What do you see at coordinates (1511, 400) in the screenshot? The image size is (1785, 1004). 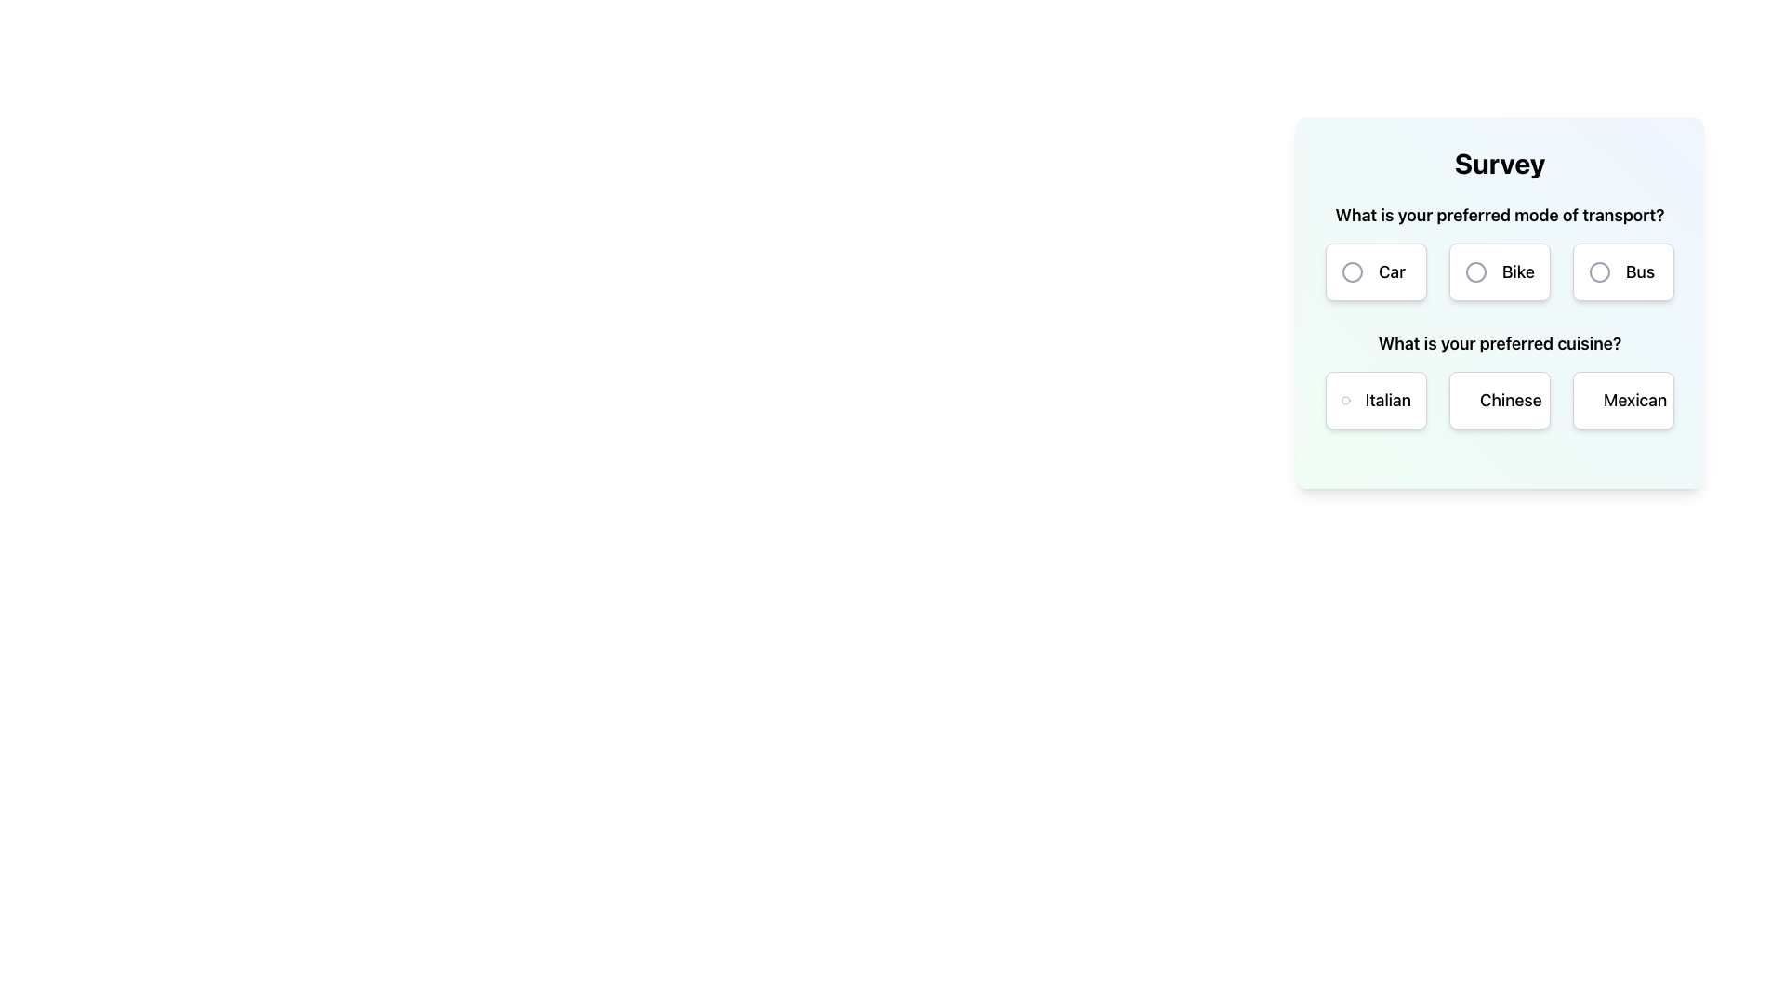 I see `the 'Chinese' radio button option in the survey form` at bounding box center [1511, 400].